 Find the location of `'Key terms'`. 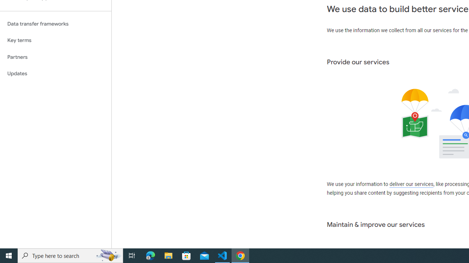

'Key terms' is located at coordinates (55, 40).